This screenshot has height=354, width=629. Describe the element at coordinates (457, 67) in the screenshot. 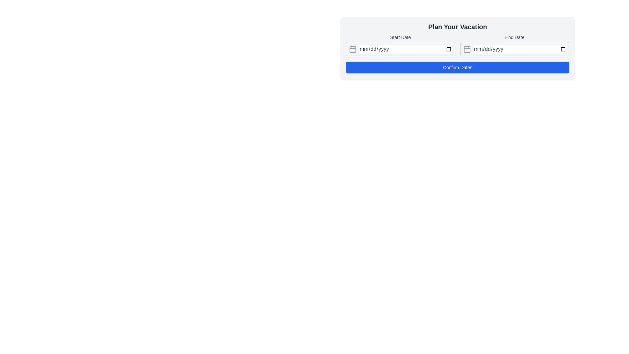

I see `the confirmation button located at the bottom of the 'Plan Your Vacation' form to confirm the start and end dates provided in the input fields` at that location.